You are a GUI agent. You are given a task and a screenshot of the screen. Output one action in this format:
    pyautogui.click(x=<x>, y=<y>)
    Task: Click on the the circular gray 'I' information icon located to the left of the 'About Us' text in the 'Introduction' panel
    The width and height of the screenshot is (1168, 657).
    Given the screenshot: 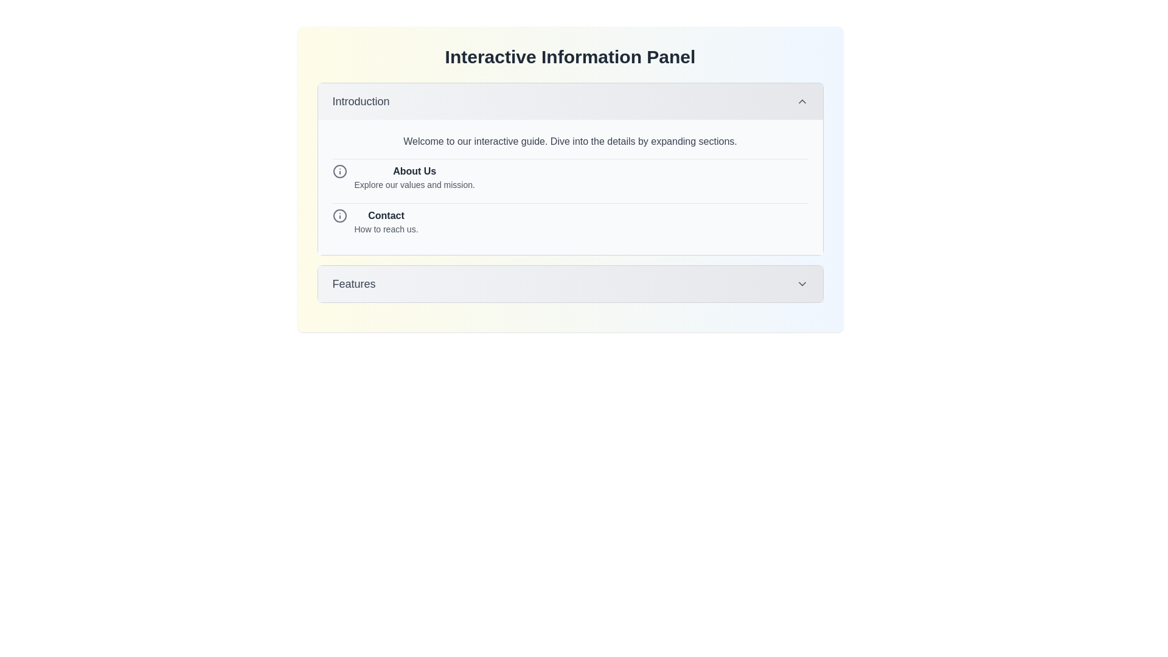 What is the action you would take?
    pyautogui.click(x=339, y=171)
    